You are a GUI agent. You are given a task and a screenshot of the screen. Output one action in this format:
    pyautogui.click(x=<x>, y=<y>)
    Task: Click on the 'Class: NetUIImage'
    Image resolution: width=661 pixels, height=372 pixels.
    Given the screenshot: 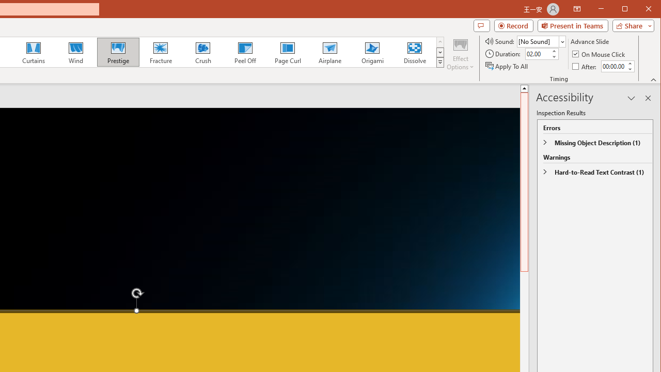 What is the action you would take?
    pyautogui.click(x=440, y=62)
    